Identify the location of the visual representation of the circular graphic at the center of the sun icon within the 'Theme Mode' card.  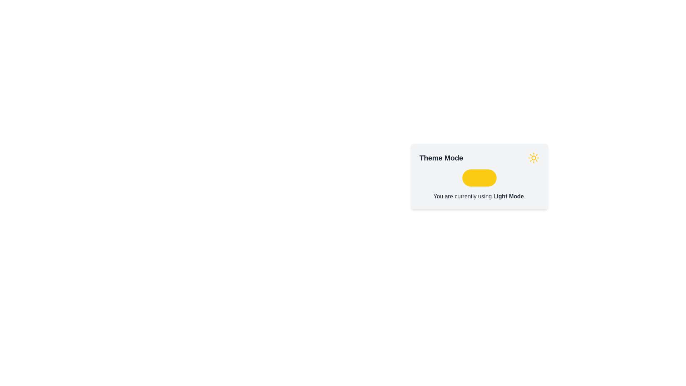
(533, 158).